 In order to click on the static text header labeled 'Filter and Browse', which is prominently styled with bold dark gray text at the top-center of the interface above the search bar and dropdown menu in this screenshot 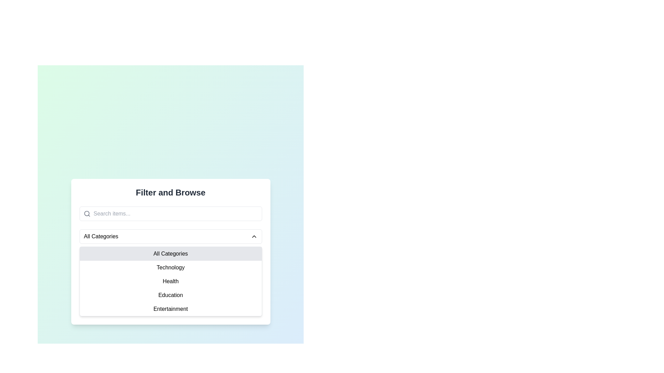, I will do `click(170, 193)`.